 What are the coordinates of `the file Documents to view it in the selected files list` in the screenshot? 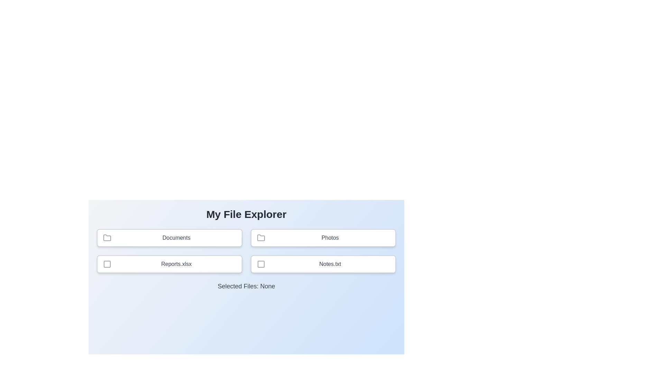 It's located at (169, 238).